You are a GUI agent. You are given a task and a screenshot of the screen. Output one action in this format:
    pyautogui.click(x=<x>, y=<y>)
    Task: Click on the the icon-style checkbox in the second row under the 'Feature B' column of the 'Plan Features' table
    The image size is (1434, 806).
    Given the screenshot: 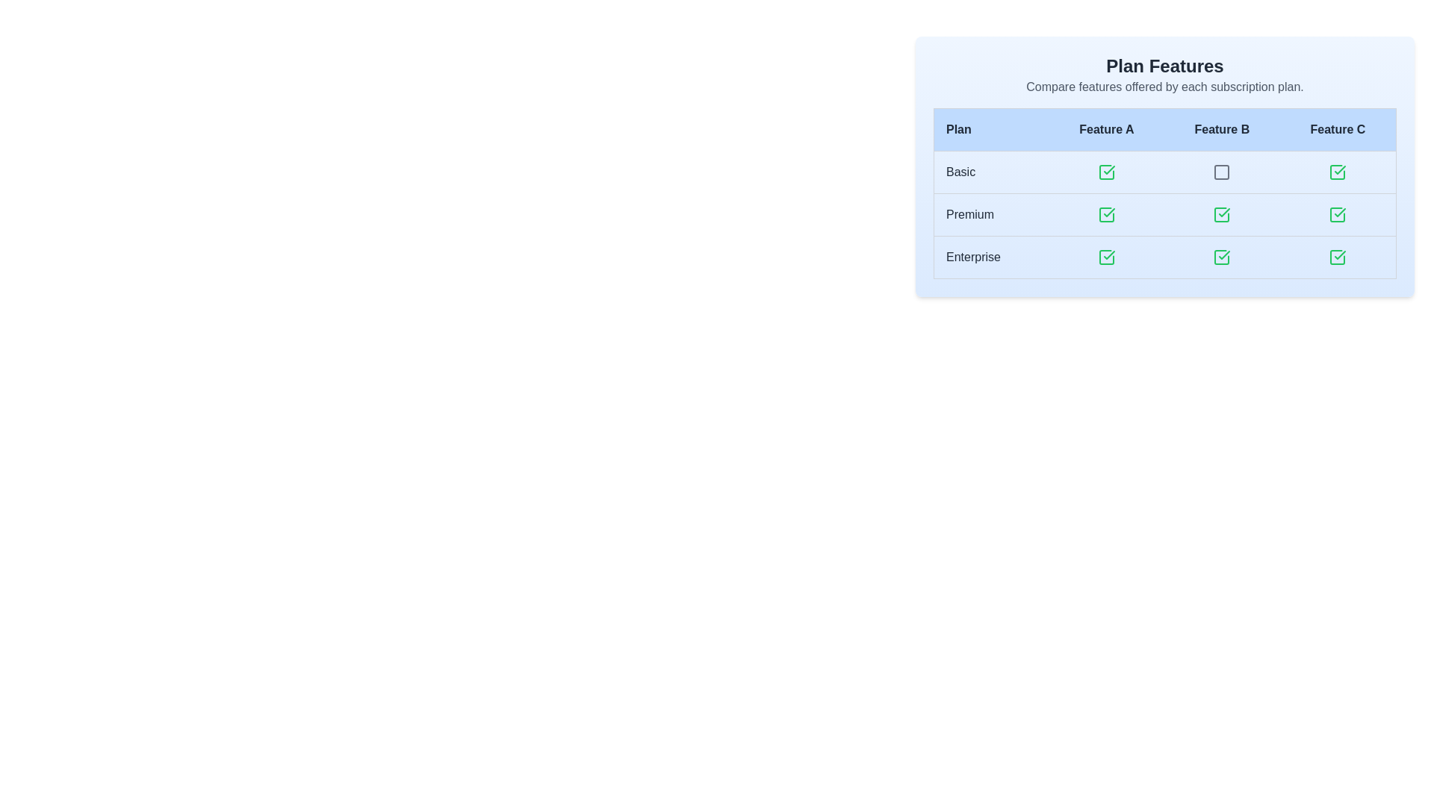 What is the action you would take?
    pyautogui.click(x=1222, y=215)
    